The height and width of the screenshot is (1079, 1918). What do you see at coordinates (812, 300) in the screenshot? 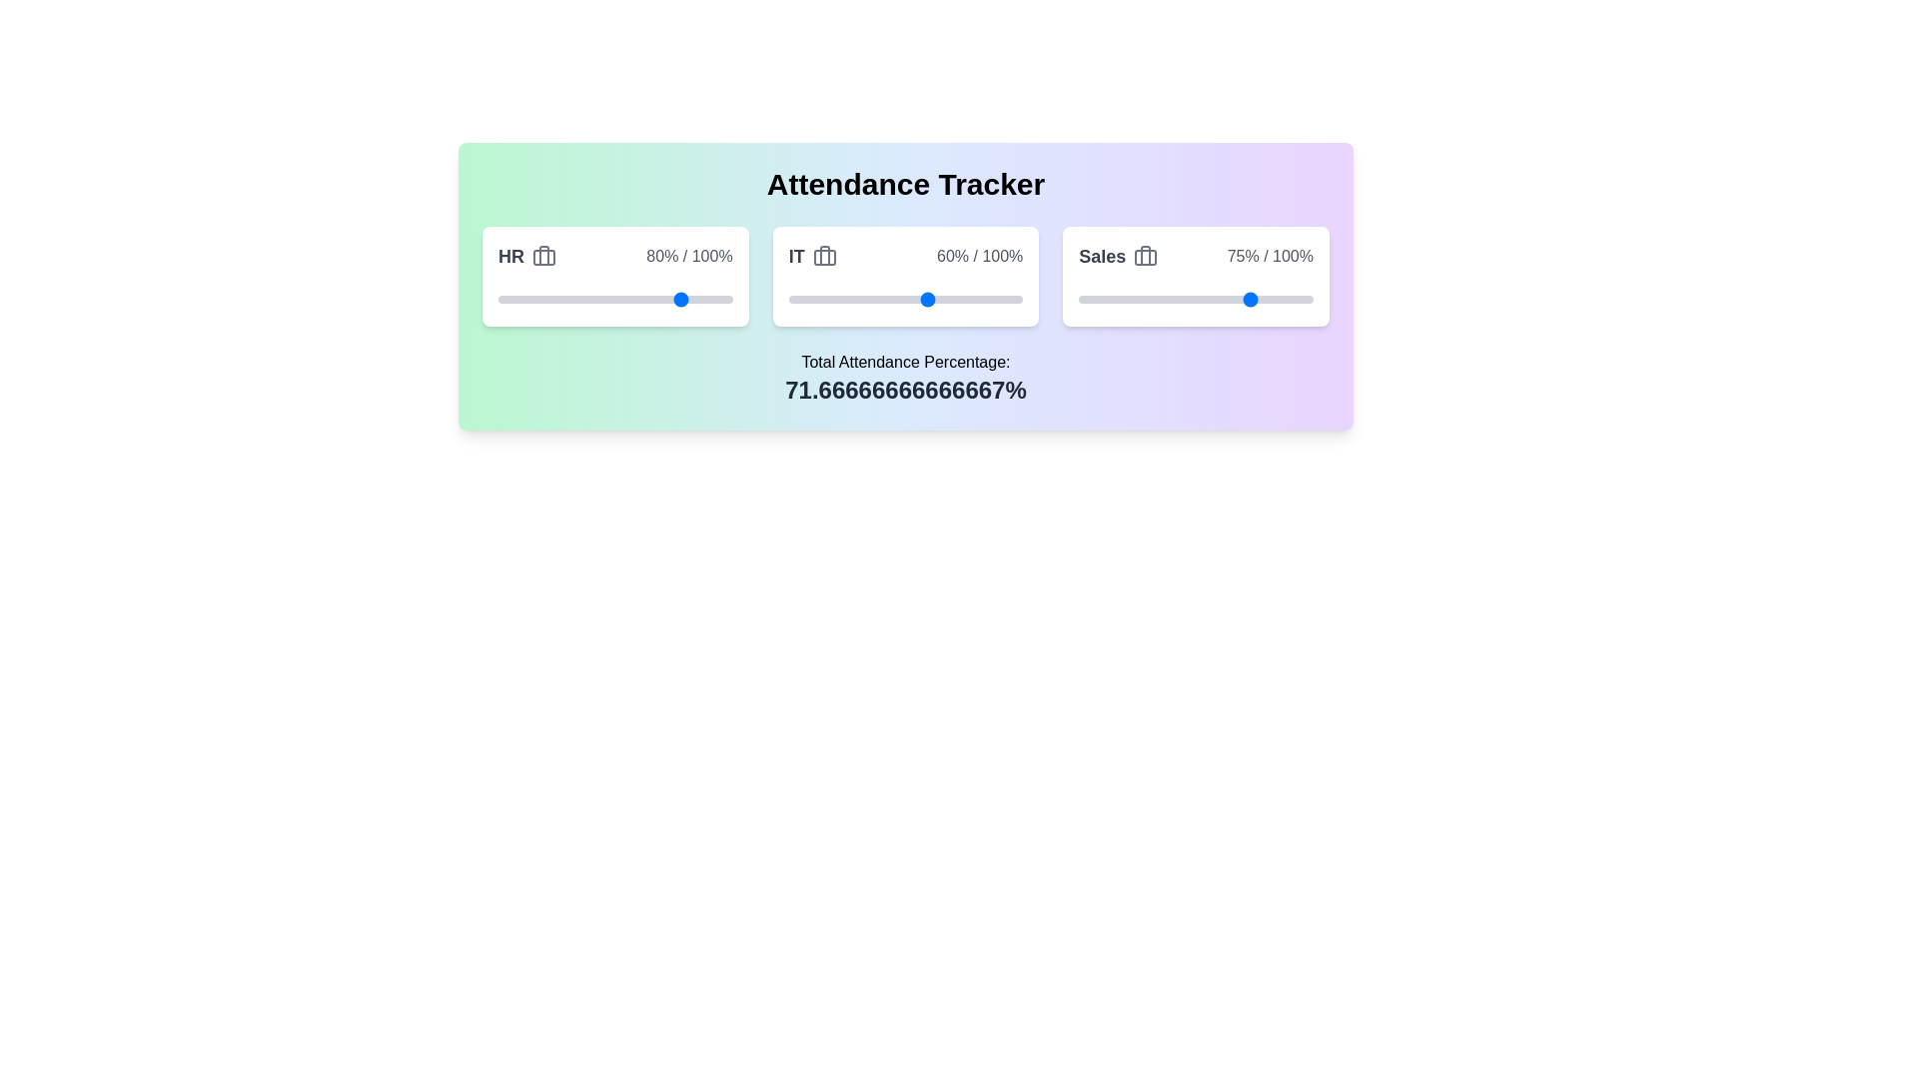
I see `the slider value` at bounding box center [812, 300].